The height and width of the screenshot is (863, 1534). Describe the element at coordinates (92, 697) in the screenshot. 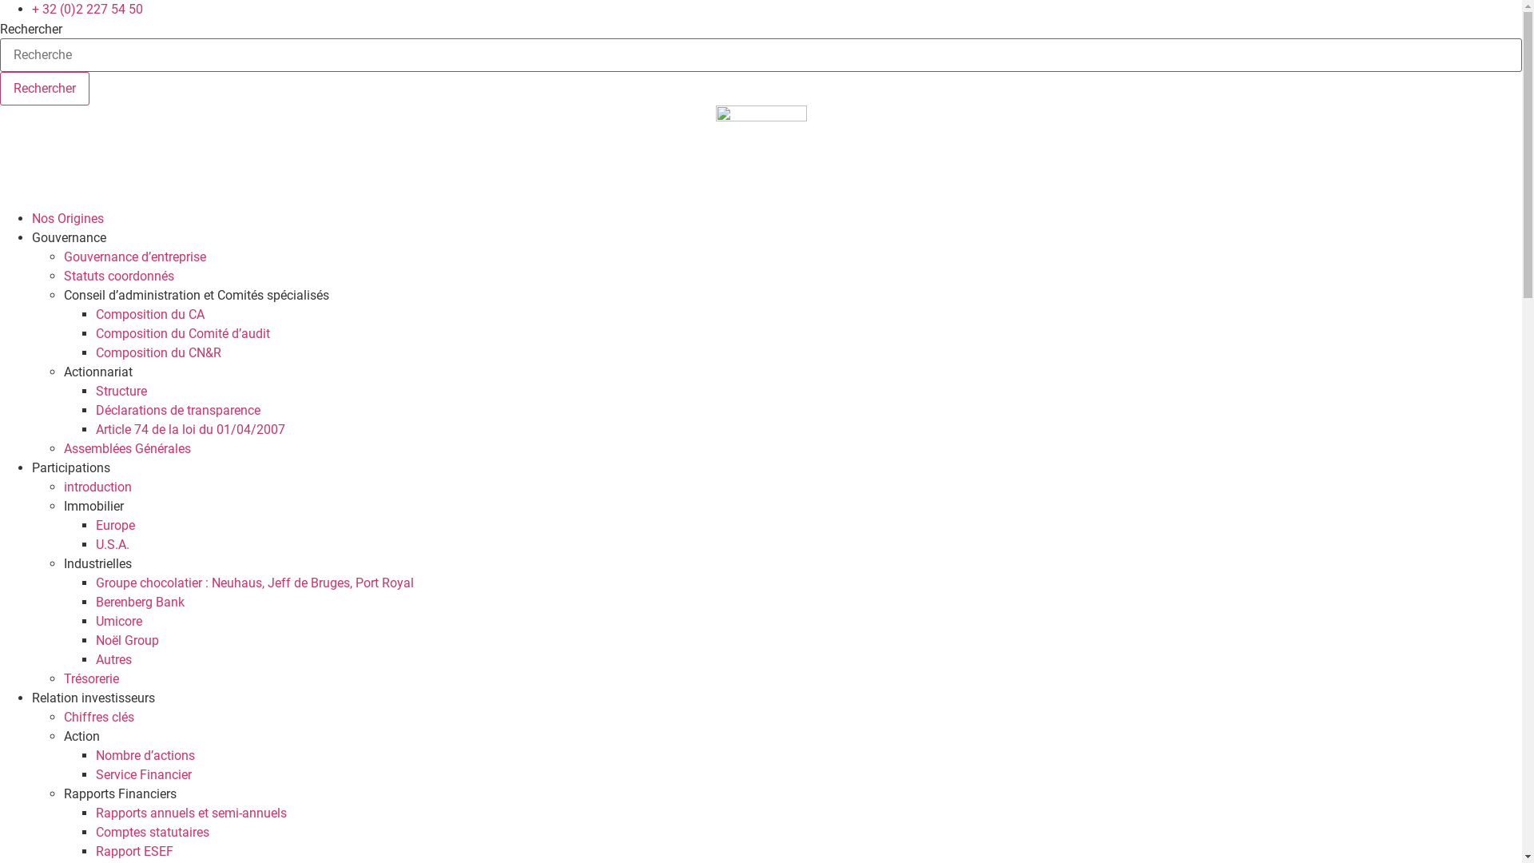

I see `'Relation investisseurs'` at that location.